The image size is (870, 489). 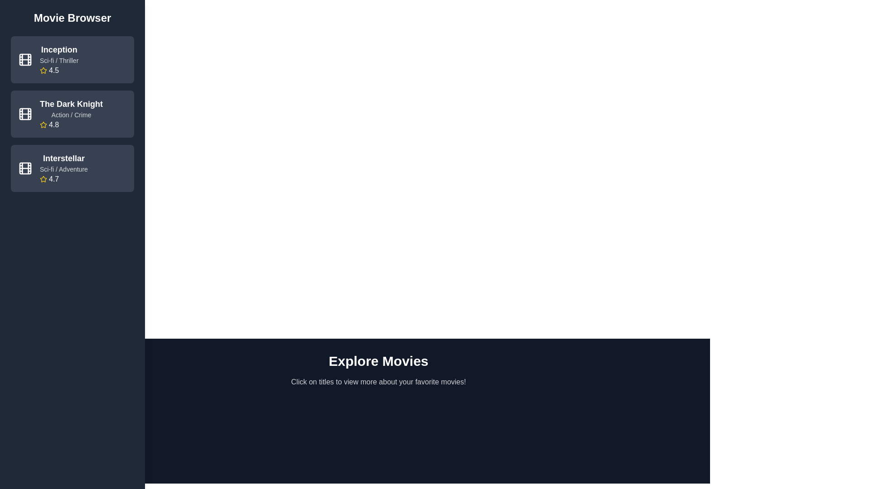 I want to click on the movie titled 'The Dark Knight' to view its details, so click(x=72, y=113).